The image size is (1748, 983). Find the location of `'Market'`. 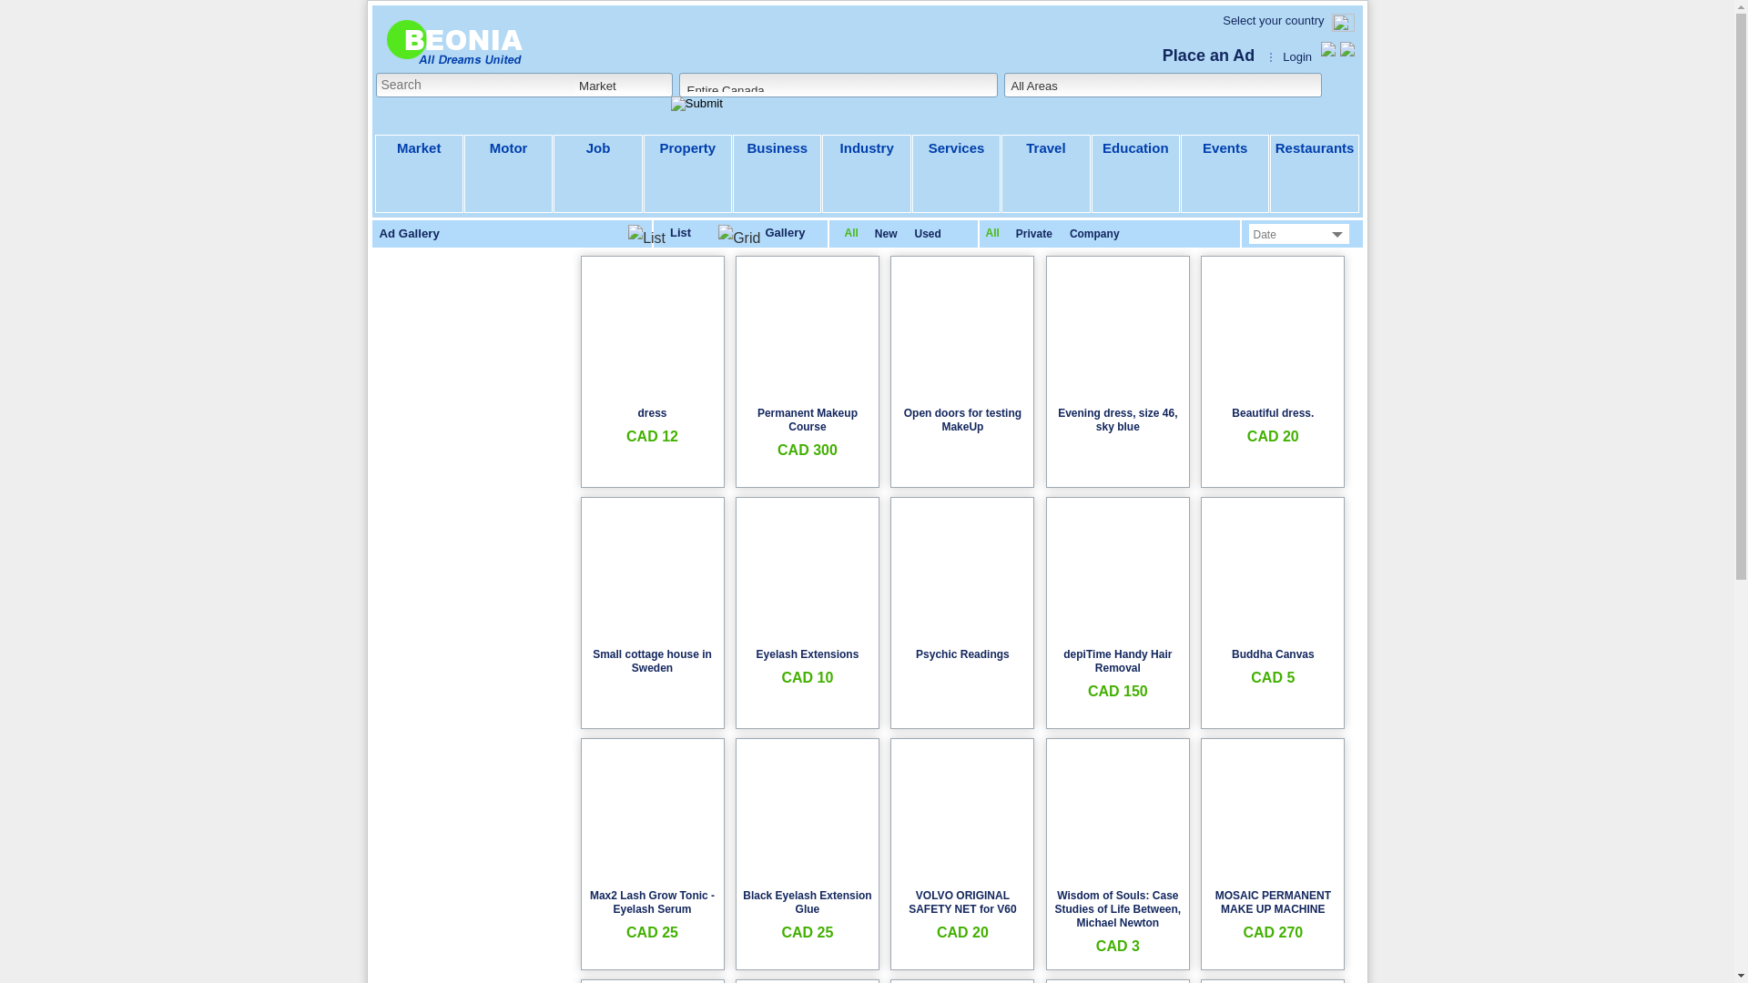

'Market' is located at coordinates (374, 174).